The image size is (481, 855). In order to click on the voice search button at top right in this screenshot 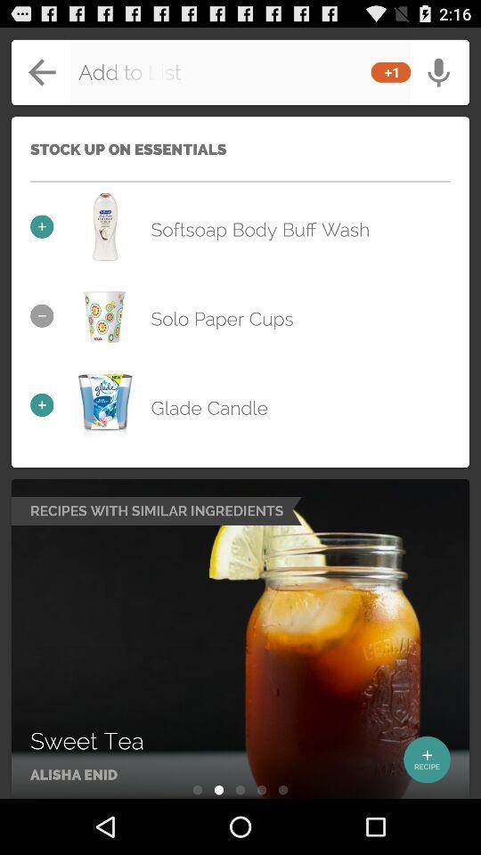, I will do `click(435, 65)`.